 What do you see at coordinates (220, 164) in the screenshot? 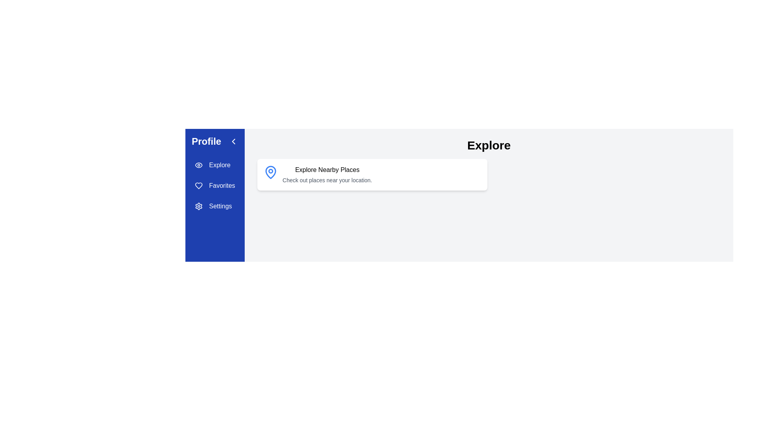
I see `the 'Explore' text label in the navigation menu, which is the second item following an eye-shaped icon` at bounding box center [220, 164].